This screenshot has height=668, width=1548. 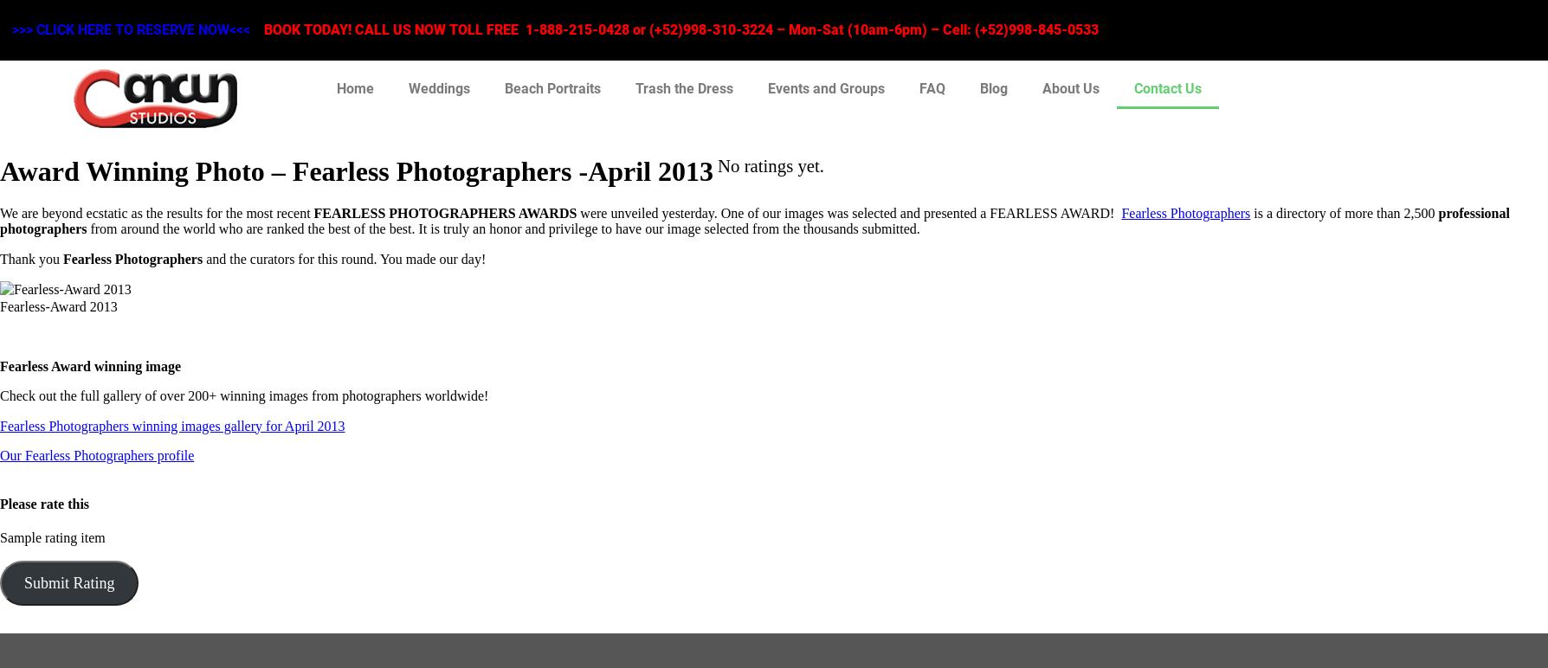 I want to click on 'Thank you', so click(x=30, y=257).